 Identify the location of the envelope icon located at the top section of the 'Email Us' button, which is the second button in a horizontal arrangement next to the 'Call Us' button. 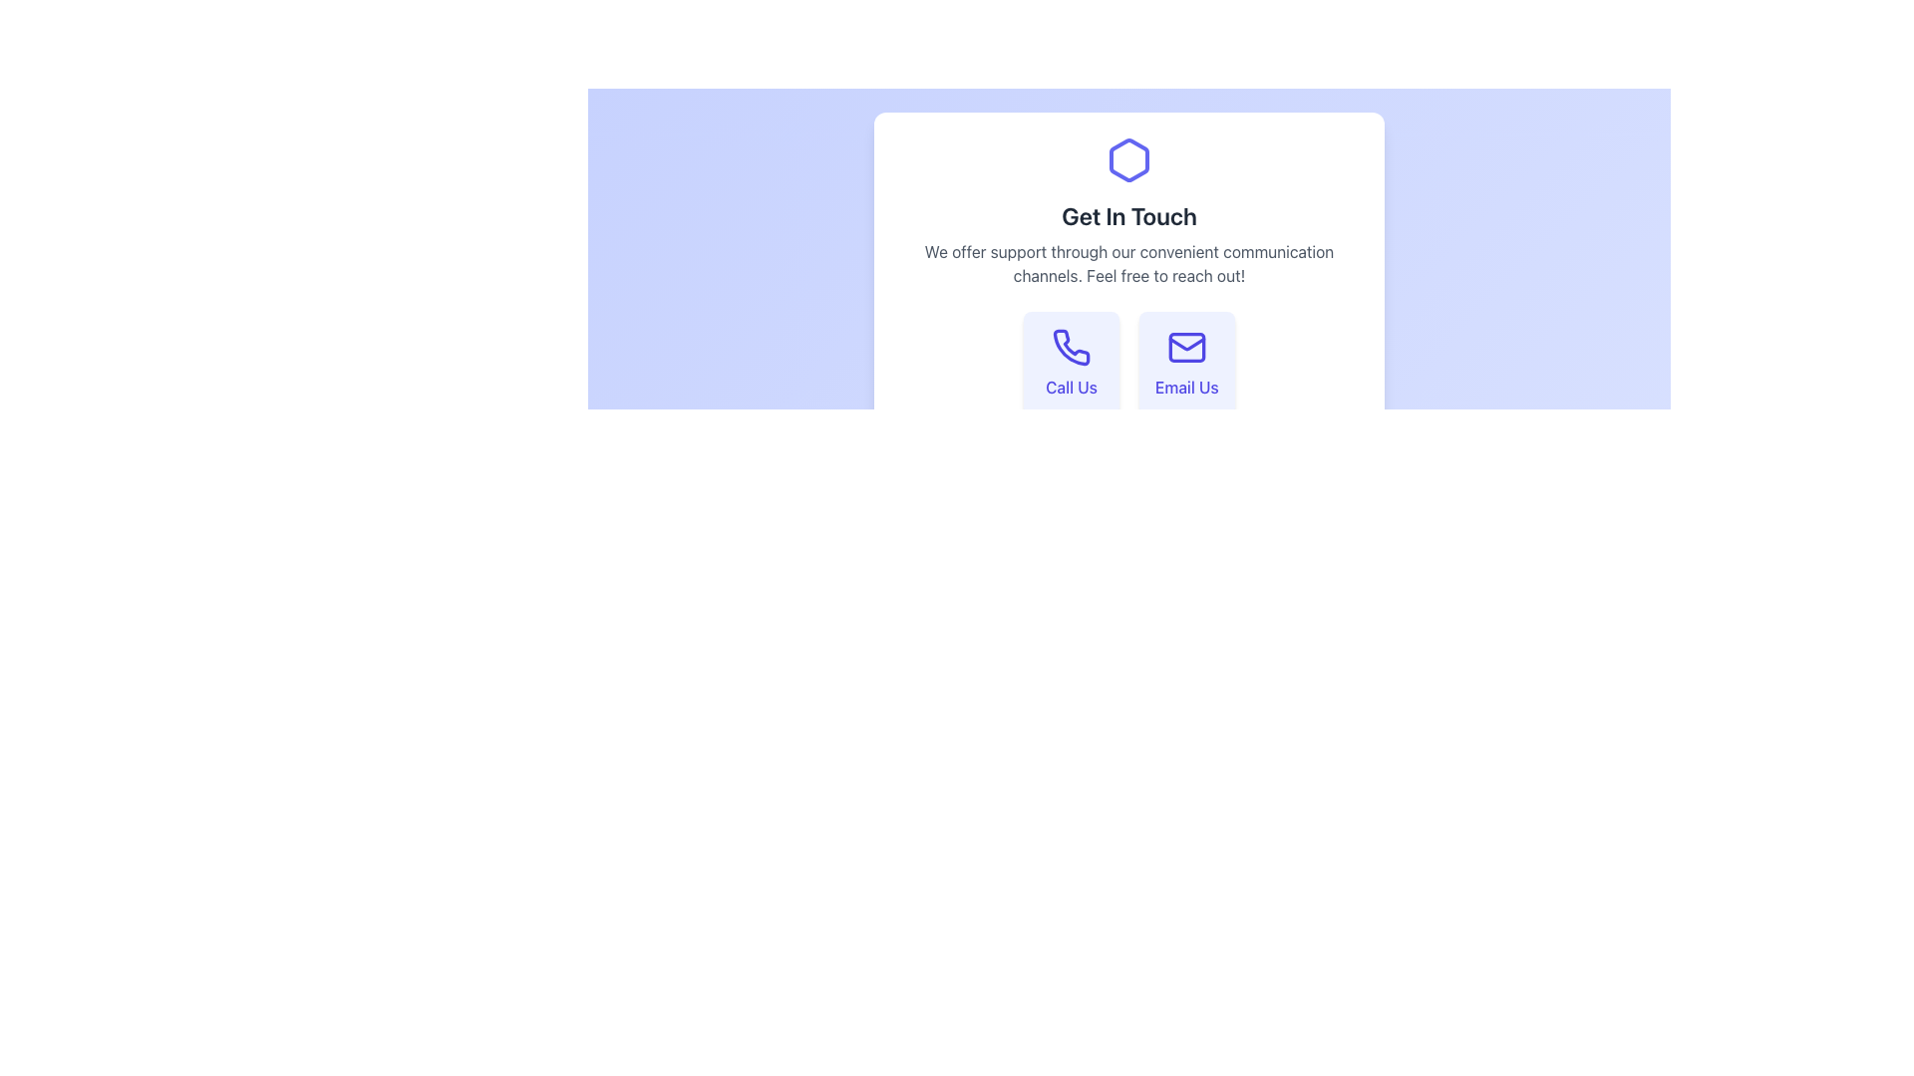
(1186, 346).